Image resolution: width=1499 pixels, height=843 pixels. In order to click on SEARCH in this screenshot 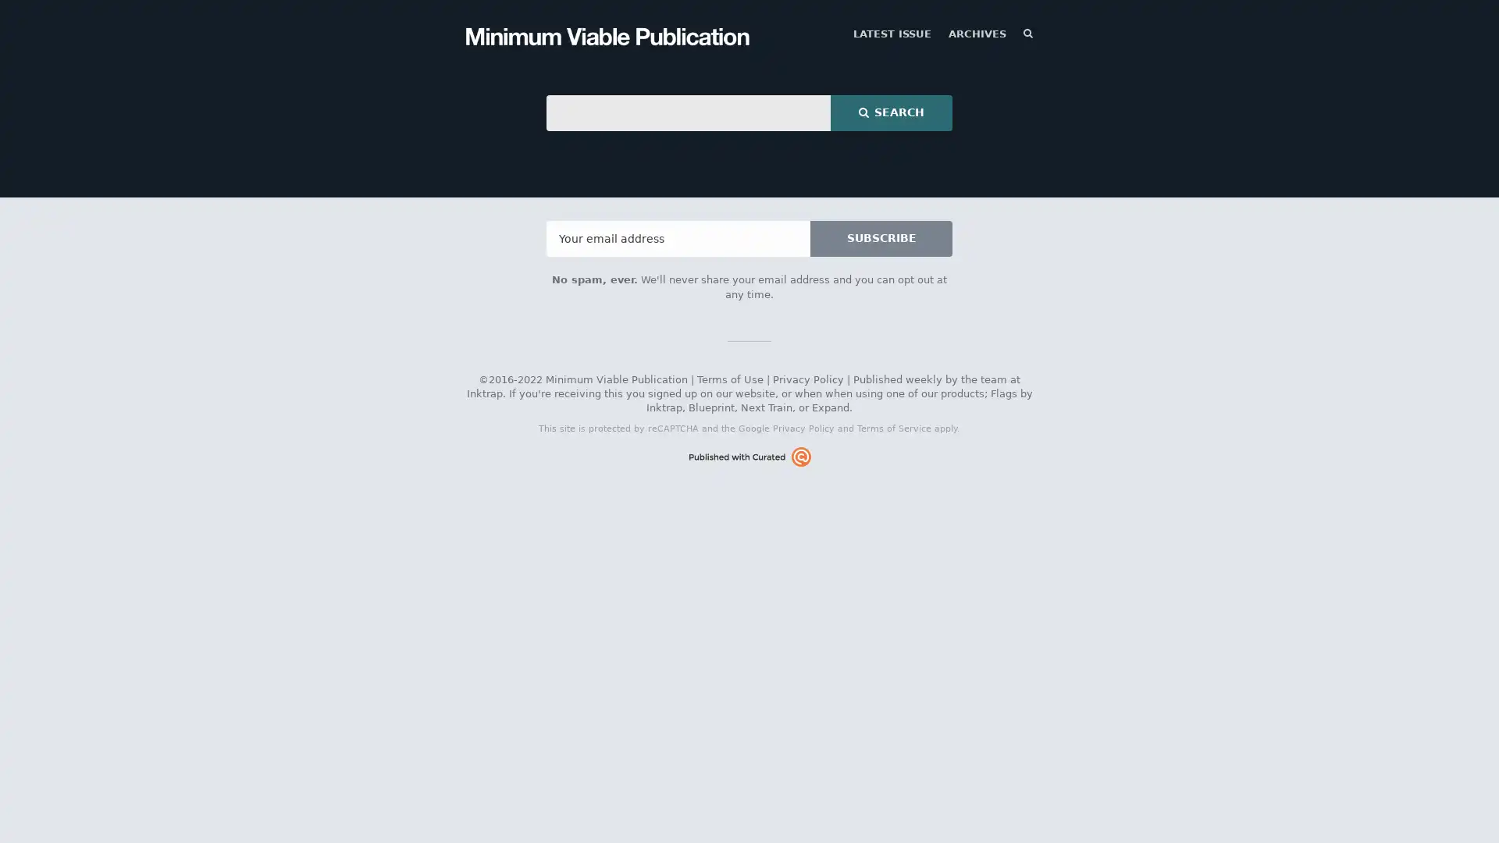, I will do `click(995, 33)`.